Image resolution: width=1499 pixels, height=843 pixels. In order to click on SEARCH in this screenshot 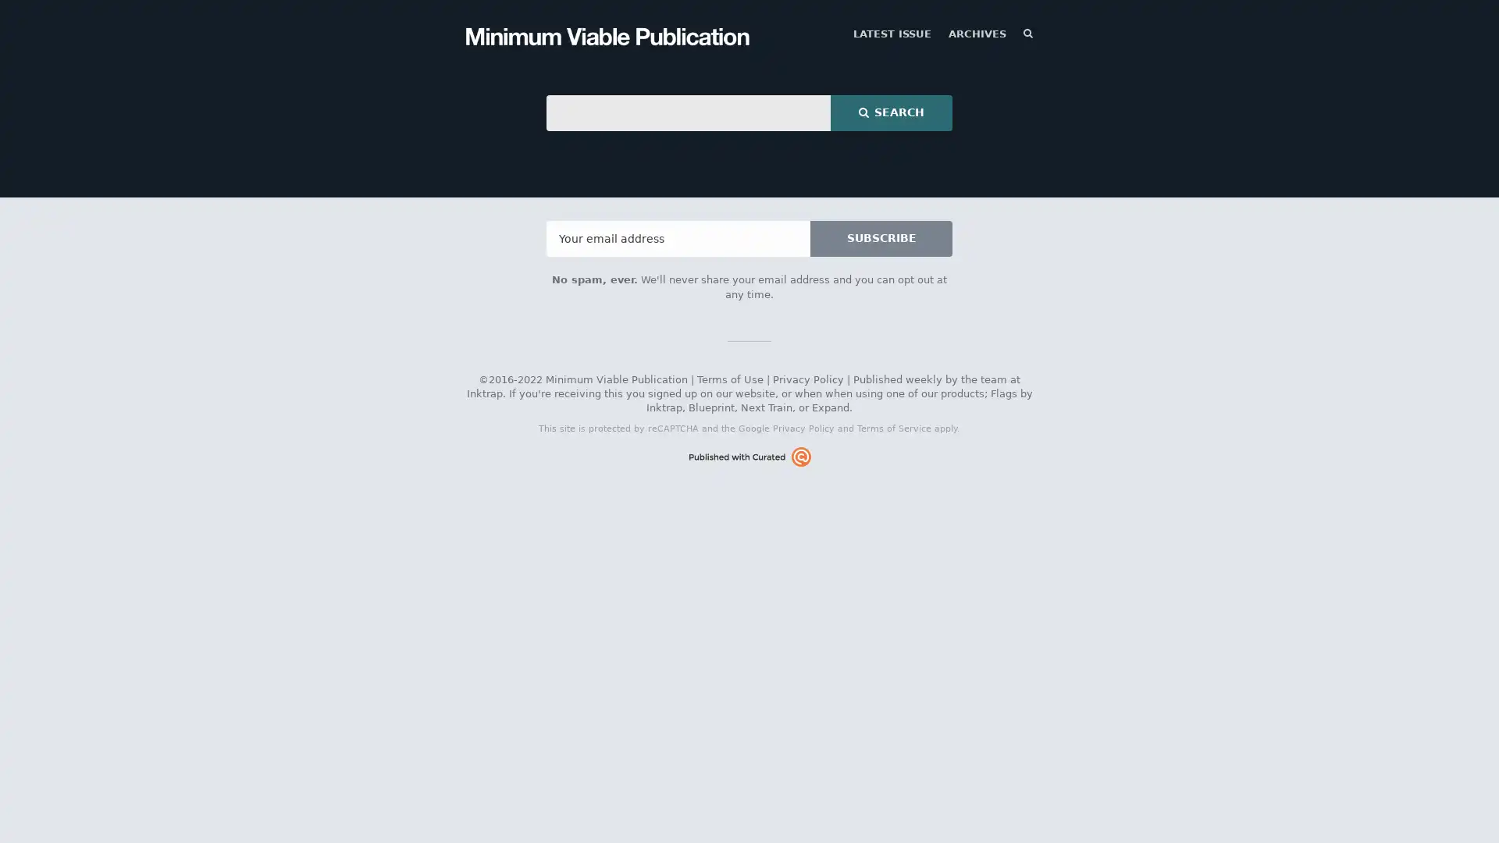, I will do `click(995, 33)`.